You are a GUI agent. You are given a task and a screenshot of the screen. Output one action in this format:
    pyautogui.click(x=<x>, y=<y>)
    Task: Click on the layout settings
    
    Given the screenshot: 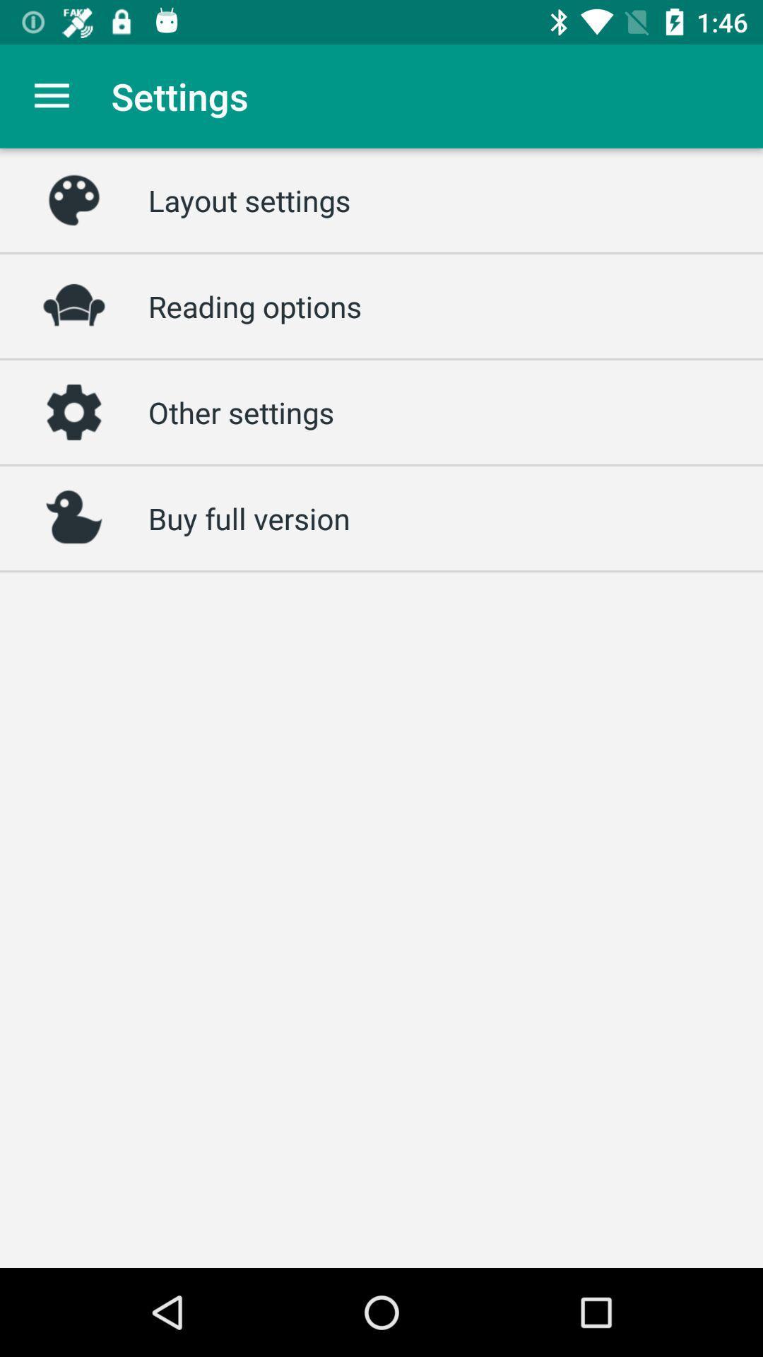 What is the action you would take?
    pyautogui.click(x=249, y=199)
    